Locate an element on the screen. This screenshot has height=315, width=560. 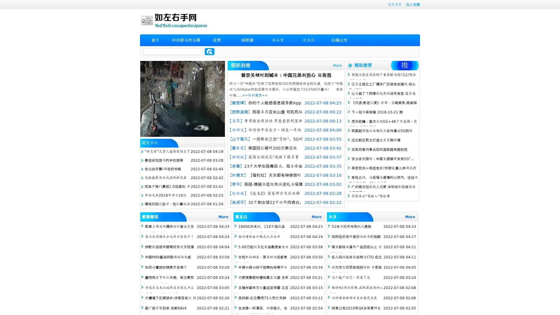
Search is located at coordinates (209, 51).